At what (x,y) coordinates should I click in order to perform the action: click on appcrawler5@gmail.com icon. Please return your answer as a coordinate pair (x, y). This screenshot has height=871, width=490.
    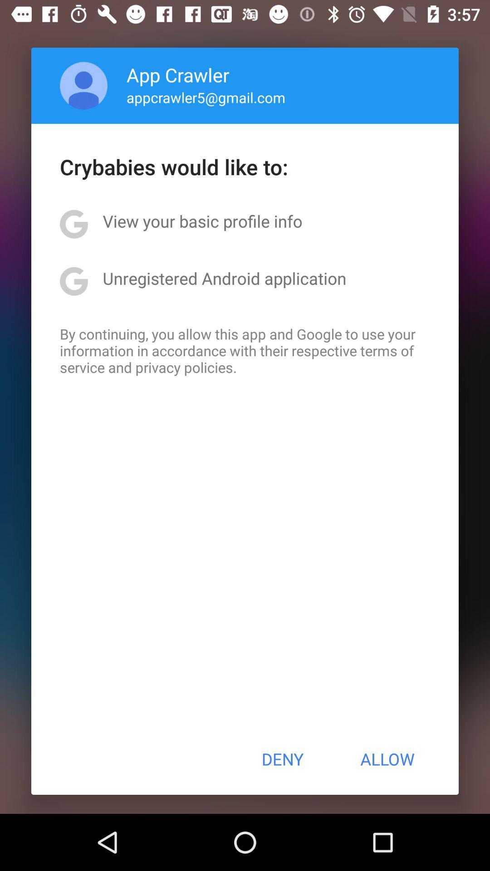
    Looking at the image, I should click on (206, 97).